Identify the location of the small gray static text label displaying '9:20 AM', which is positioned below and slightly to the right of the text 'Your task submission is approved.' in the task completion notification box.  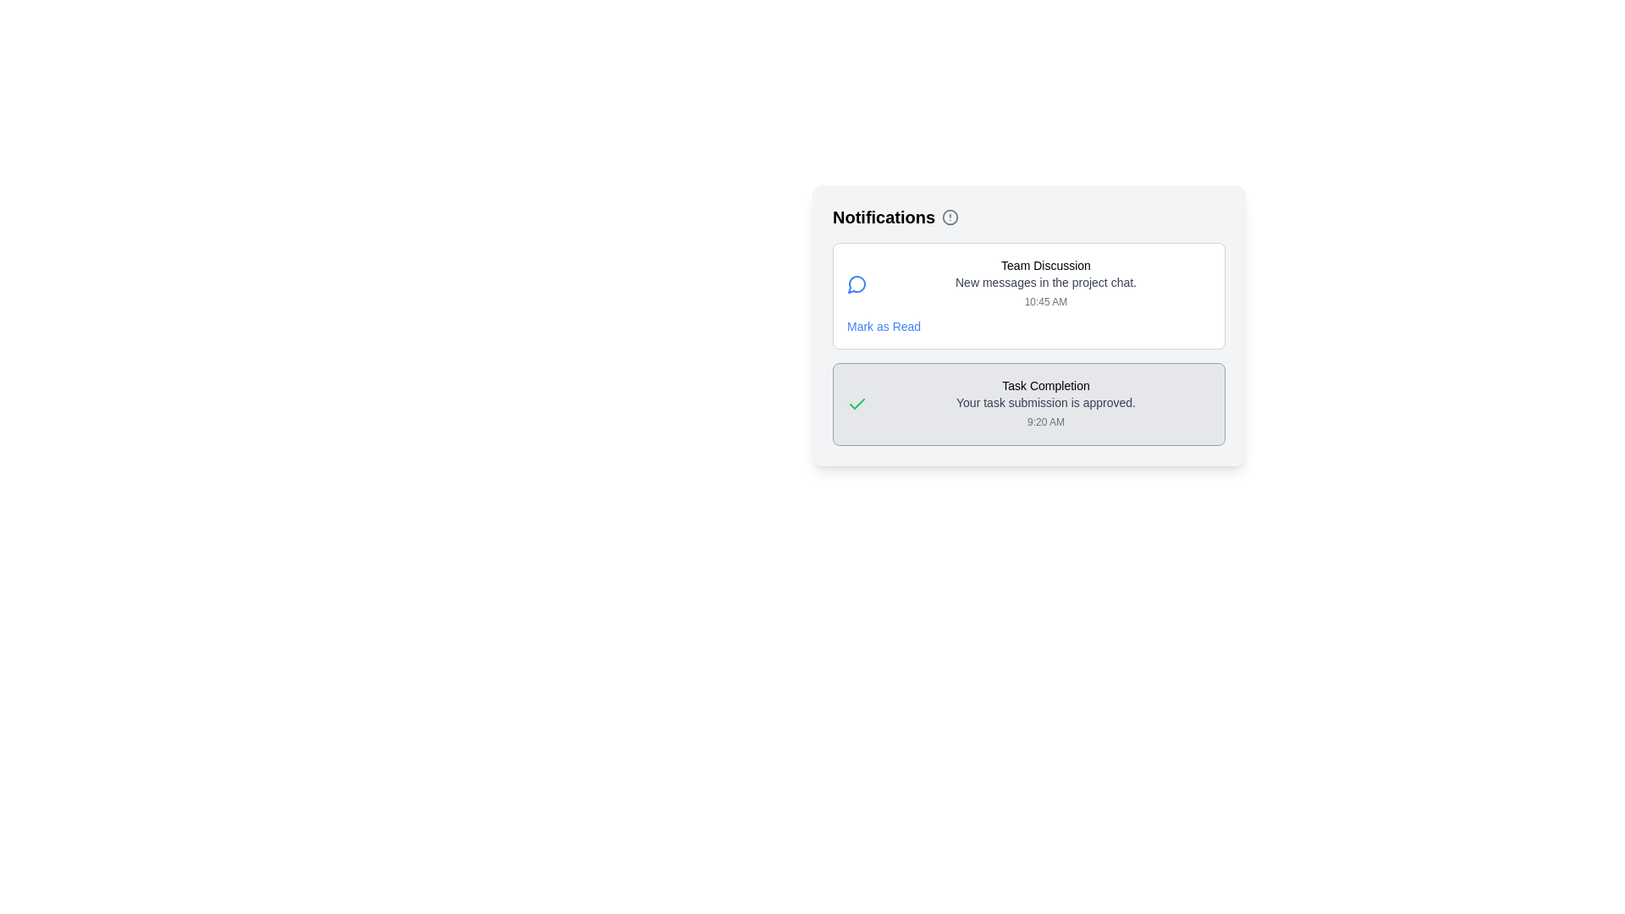
(1045, 421).